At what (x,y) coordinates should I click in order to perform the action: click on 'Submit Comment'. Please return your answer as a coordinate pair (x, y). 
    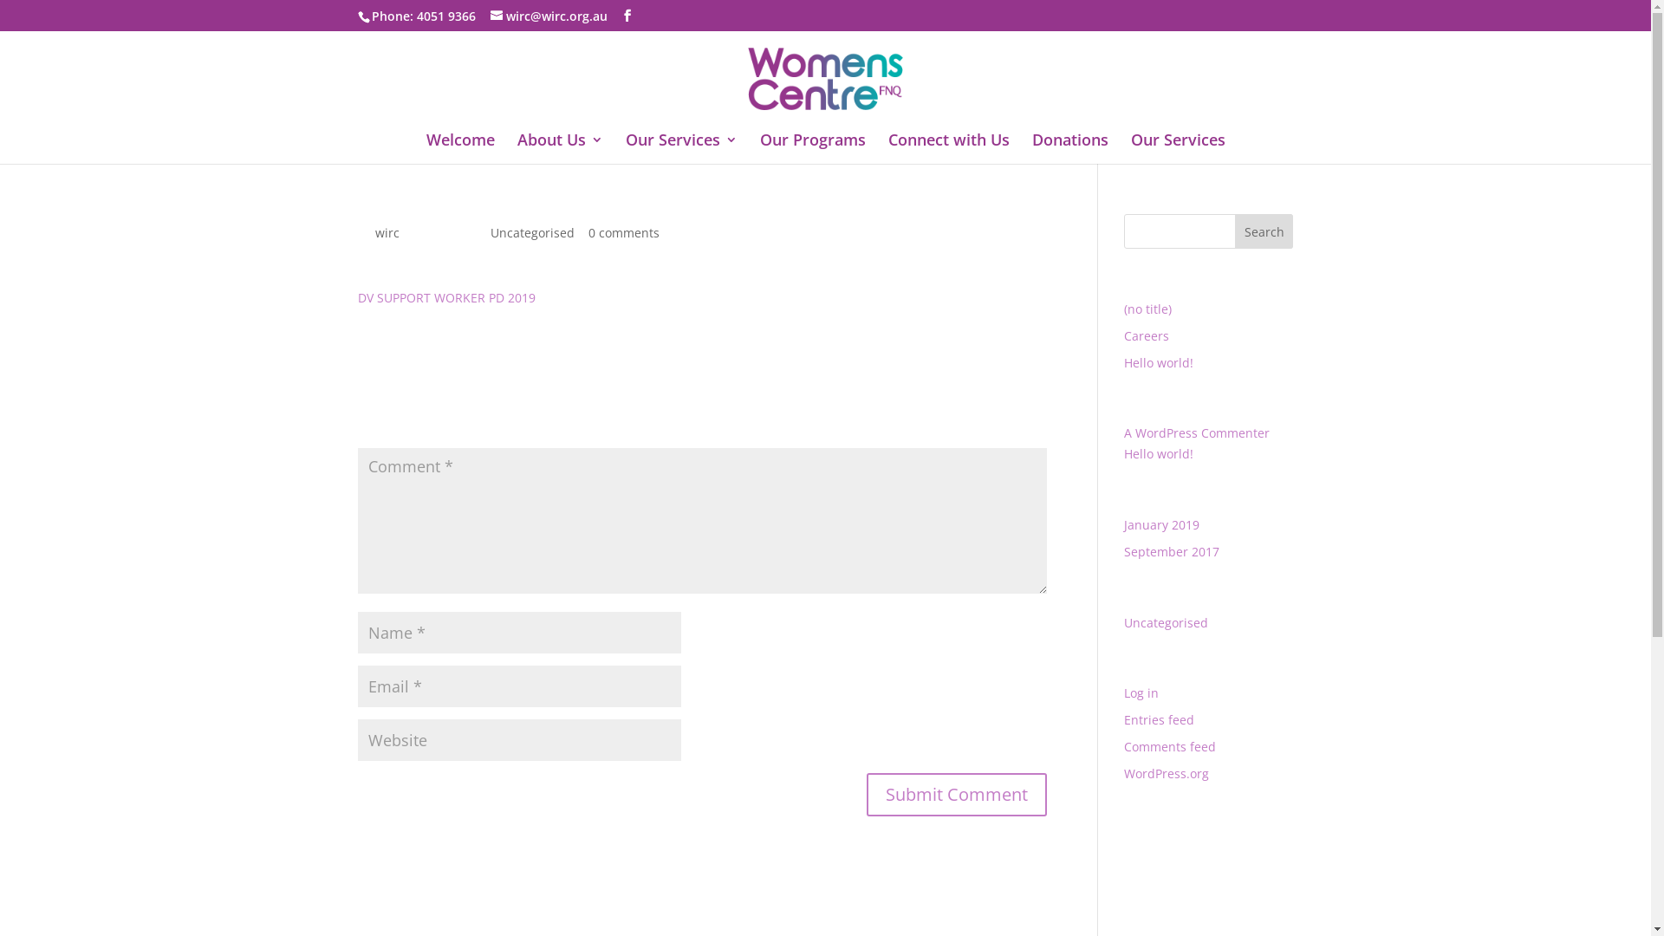
    Looking at the image, I should click on (956, 795).